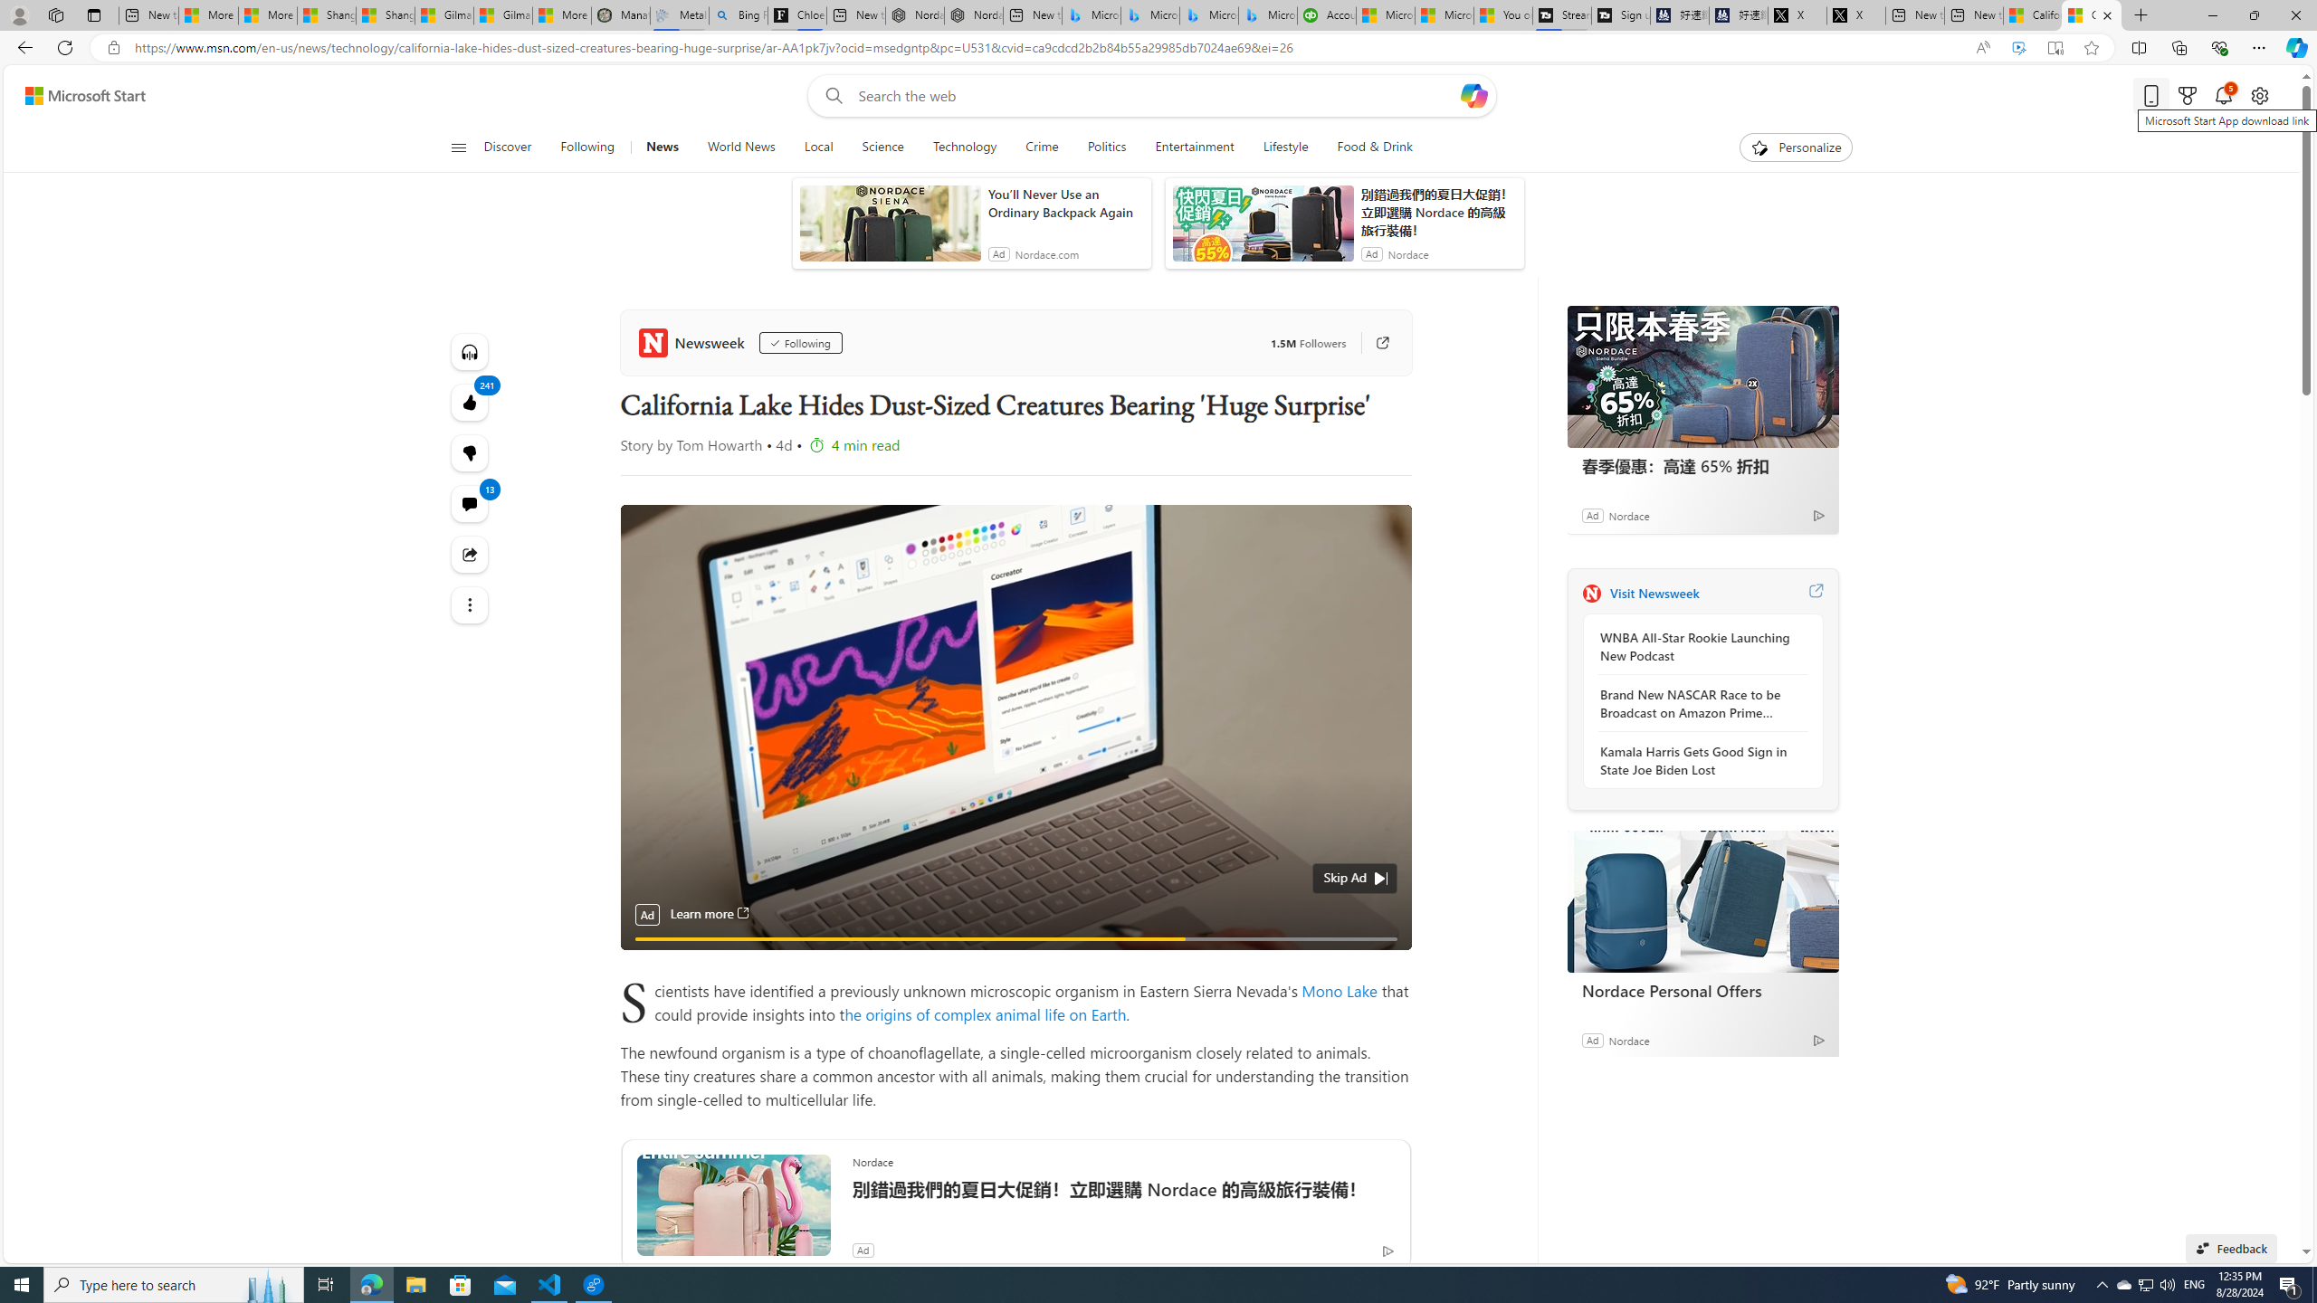 This screenshot has height=1303, width=2317. I want to click on 'Chloe Sorvino', so click(796, 14).